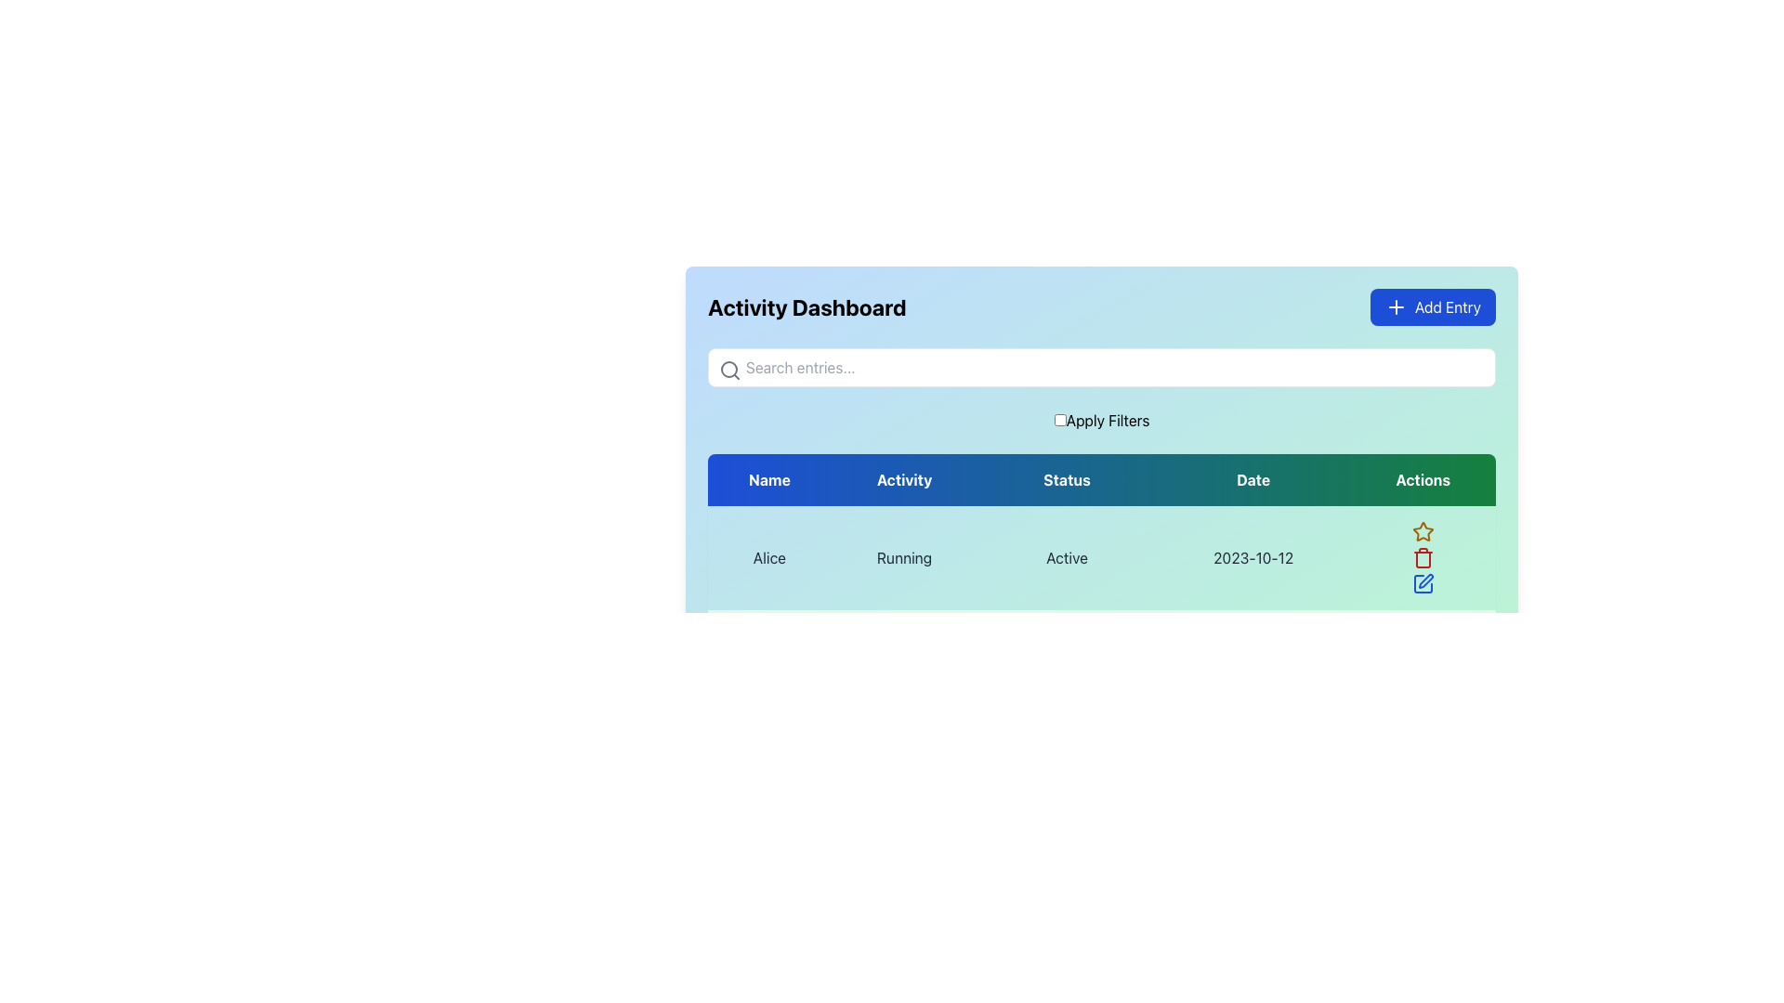 The height and width of the screenshot is (1003, 1784). I want to click on the status indicator text located in the third cell of the table row under the 'Status' column, which follows 'Alice' and 'Running' and precedes the date '2023-10-12', so click(1067, 557).